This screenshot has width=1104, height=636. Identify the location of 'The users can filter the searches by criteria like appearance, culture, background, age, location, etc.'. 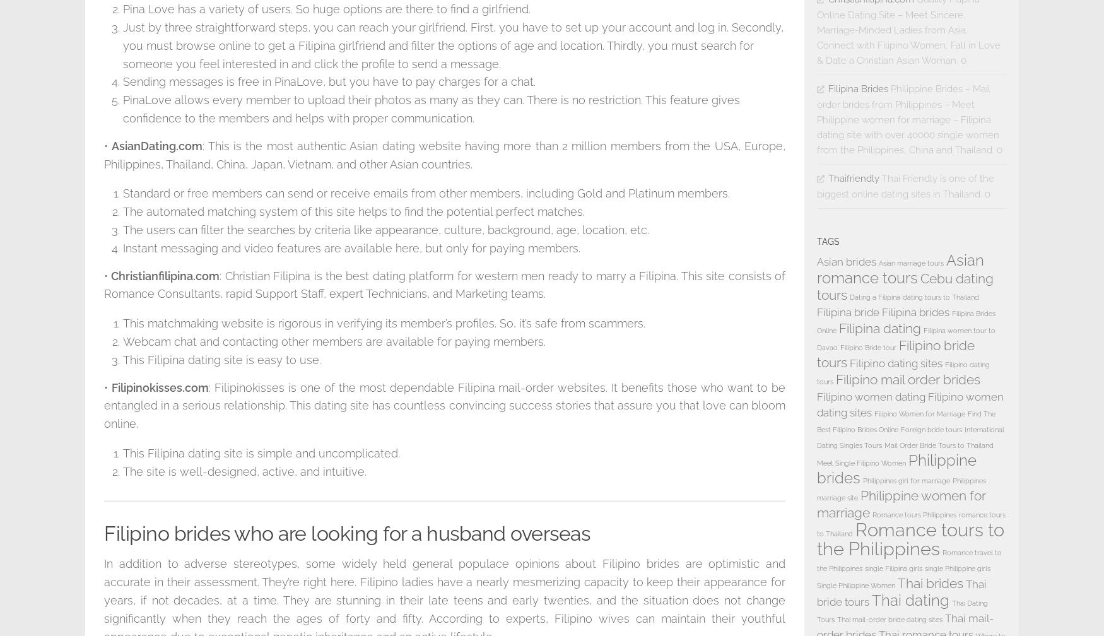
(385, 229).